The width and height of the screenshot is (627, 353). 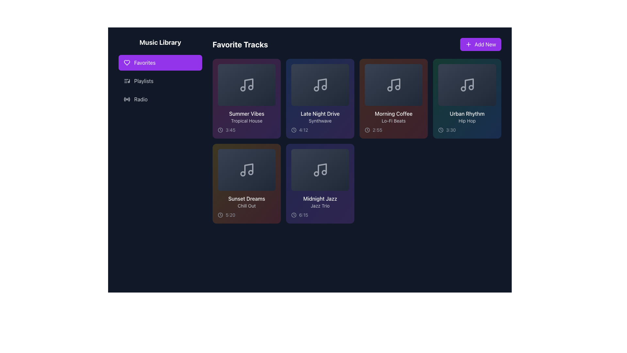 I want to click on text content of the label indicating the title 'Sunset Dreams', which is located in the second item of the lower row under 'Favorite Tracks', so click(x=246, y=198).